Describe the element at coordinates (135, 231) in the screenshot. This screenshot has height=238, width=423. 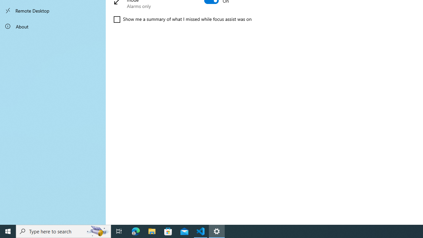
I see `'Microsoft Edge'` at that location.